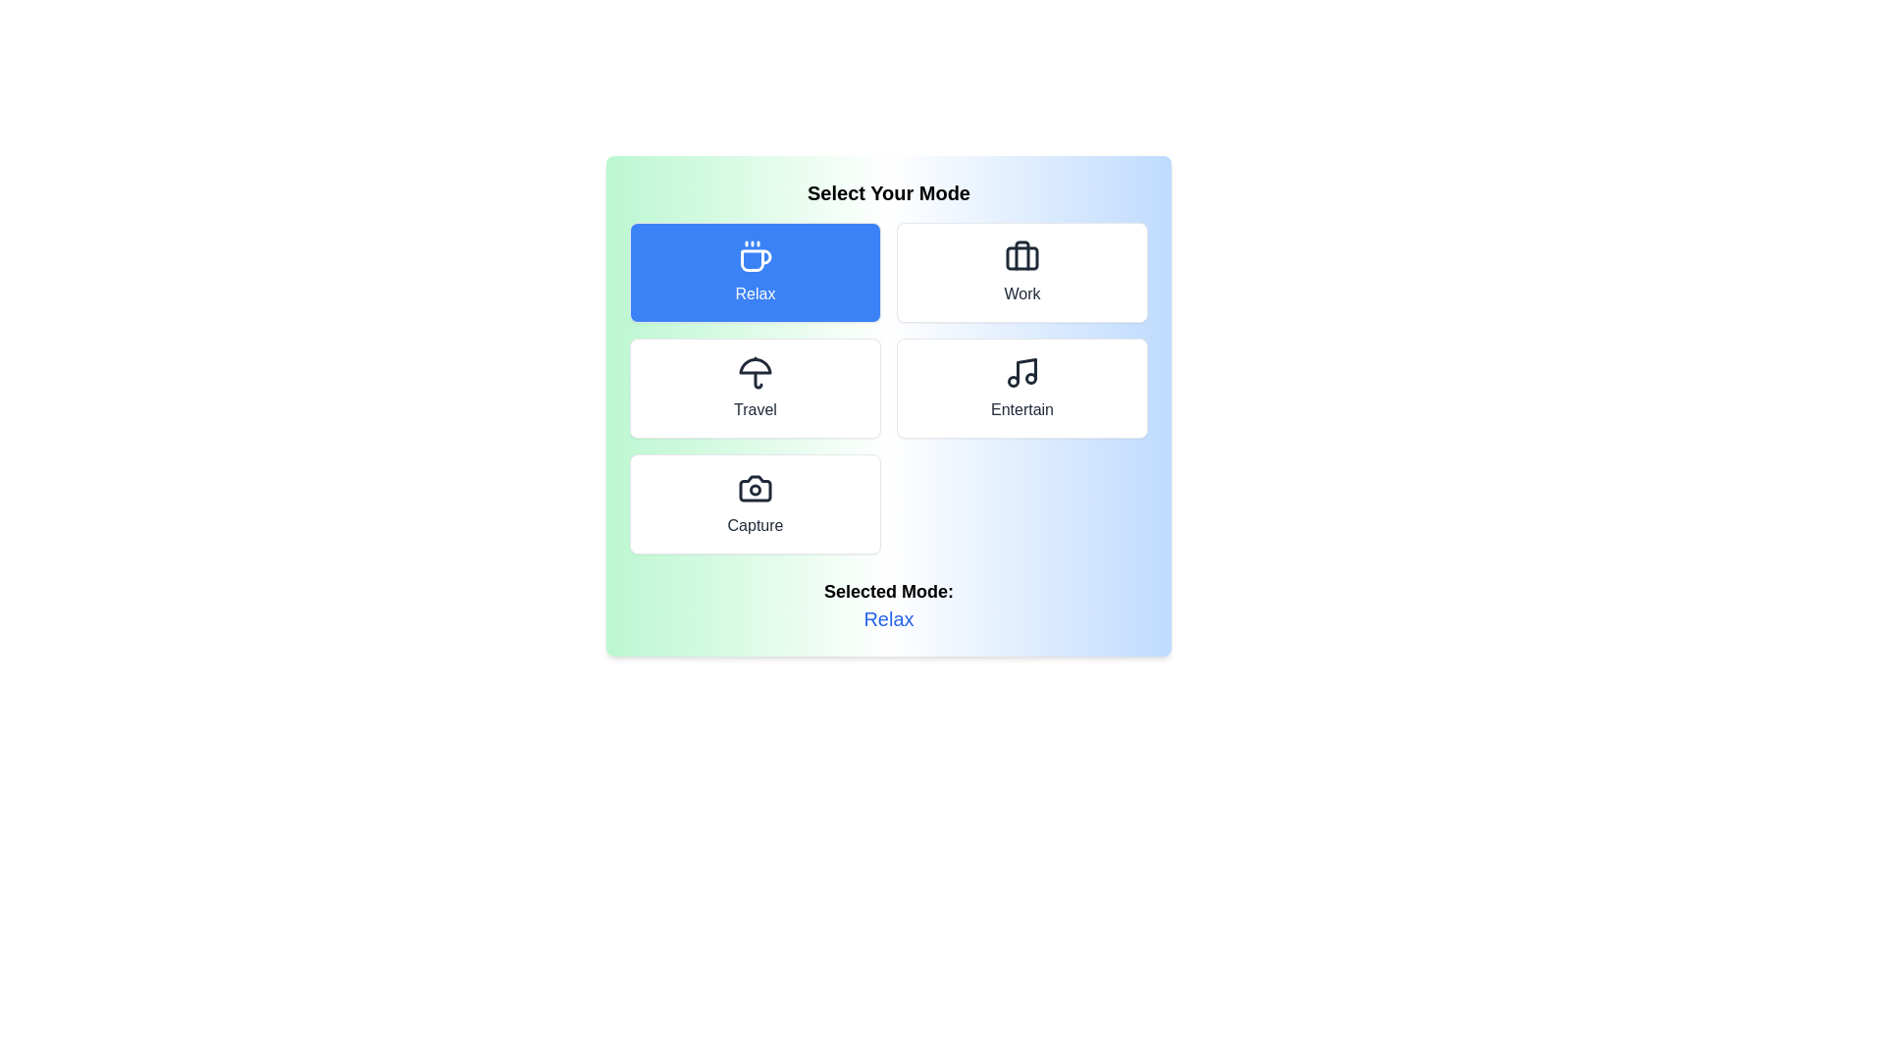 The height and width of the screenshot is (1060, 1884). I want to click on the mode button corresponding to Entertain, so click(1020, 389).